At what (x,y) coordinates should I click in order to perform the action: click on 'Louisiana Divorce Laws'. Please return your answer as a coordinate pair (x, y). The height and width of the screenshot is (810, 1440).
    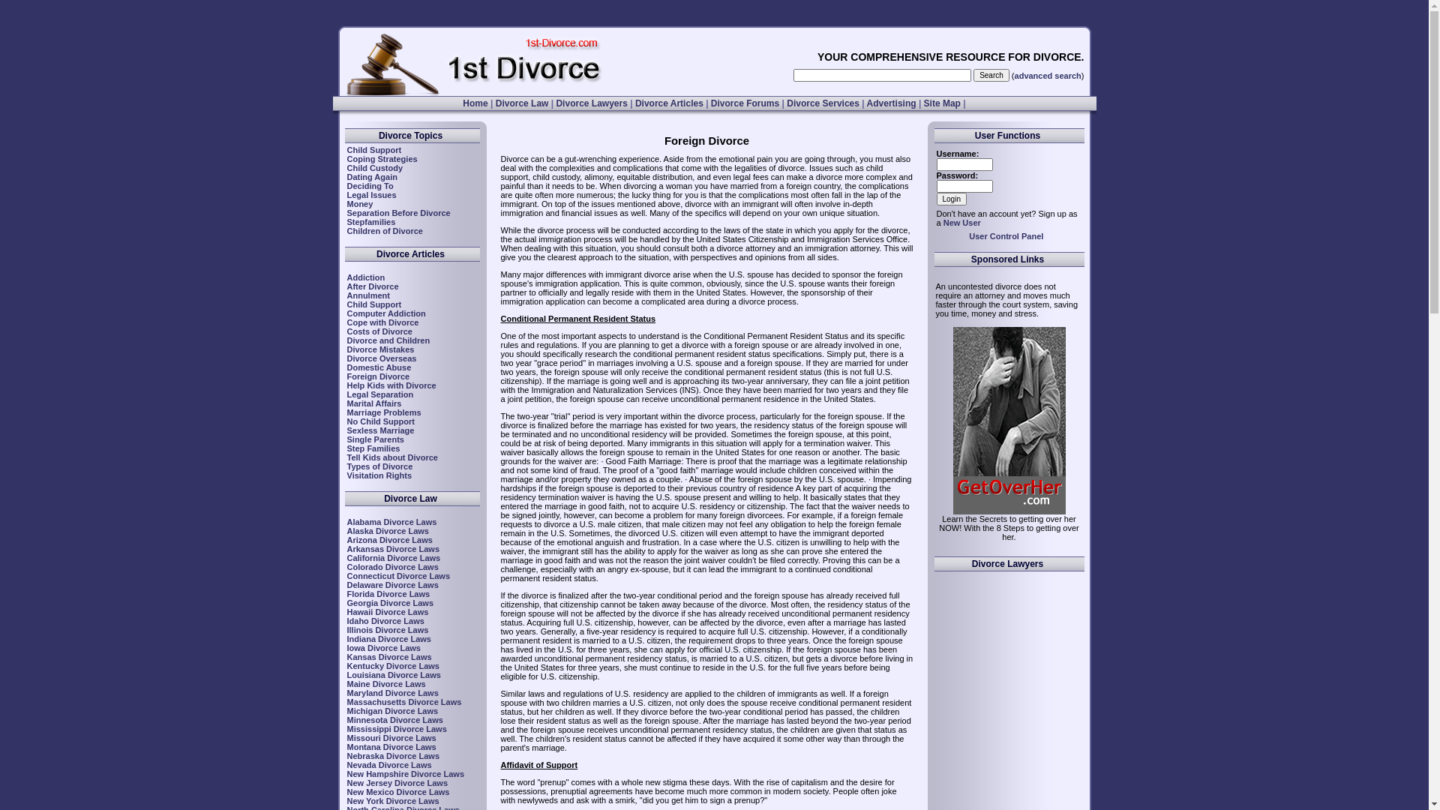
    Looking at the image, I should click on (393, 673).